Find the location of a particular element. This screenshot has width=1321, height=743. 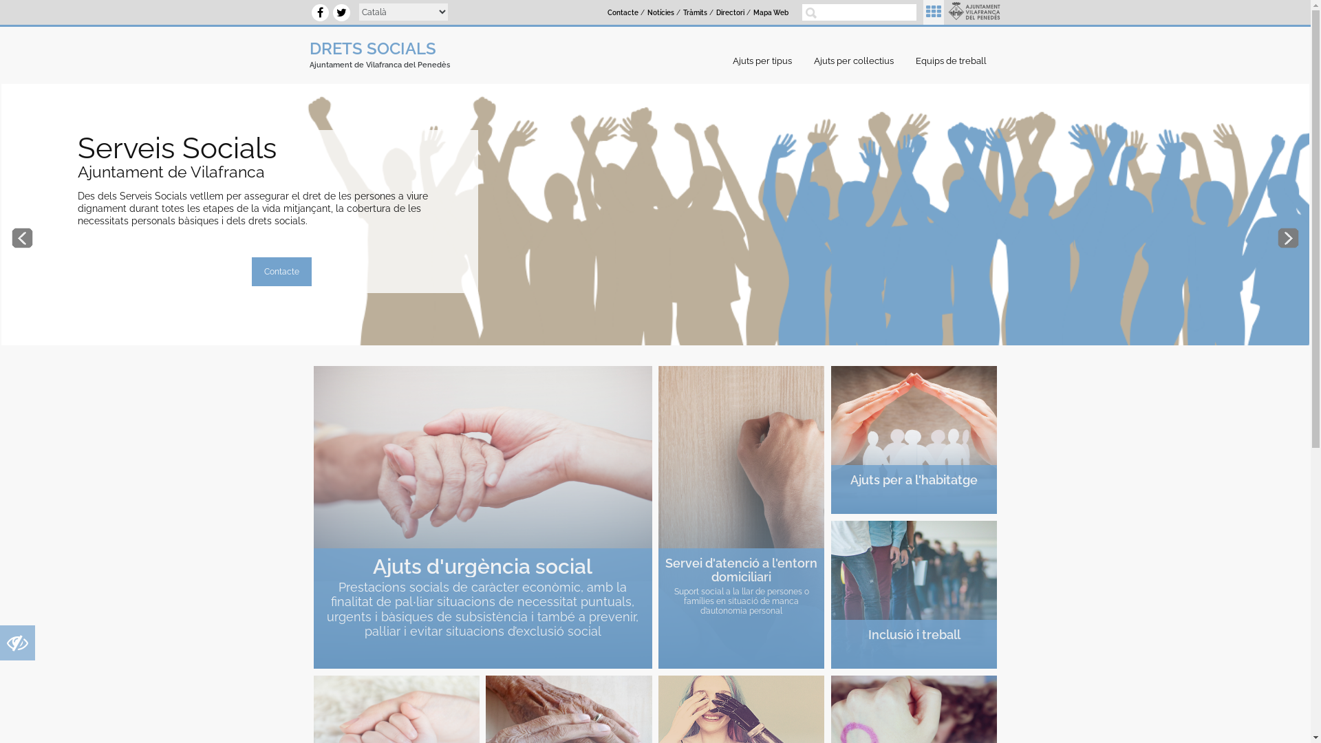

'Equips de treball' is located at coordinates (954, 60).